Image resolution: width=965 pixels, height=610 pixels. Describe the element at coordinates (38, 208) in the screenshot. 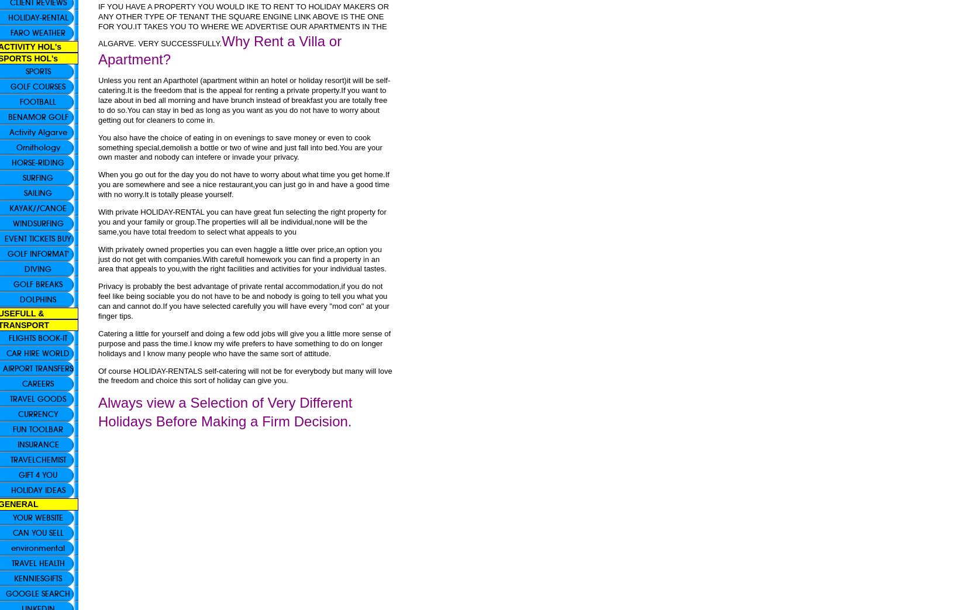

I see `'KAYAK//CANOE'` at that location.